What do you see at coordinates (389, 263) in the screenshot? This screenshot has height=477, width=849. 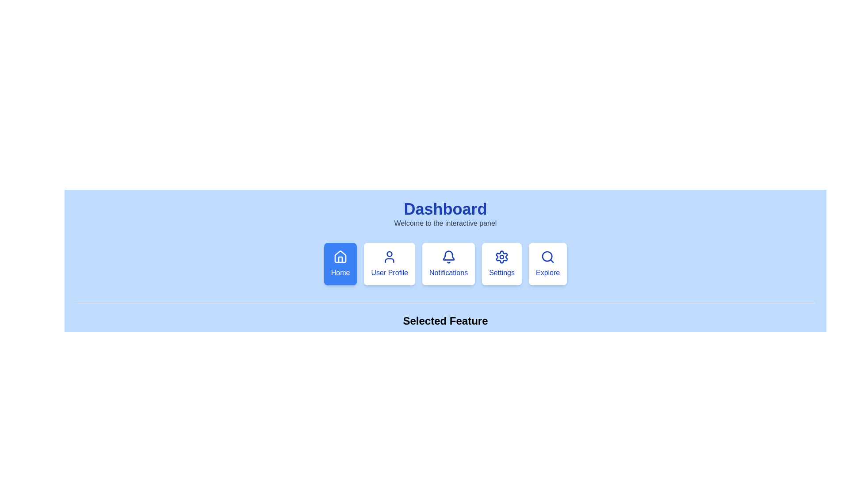 I see `the 'User Profile' button, which is the second option in the navigation menu` at bounding box center [389, 263].